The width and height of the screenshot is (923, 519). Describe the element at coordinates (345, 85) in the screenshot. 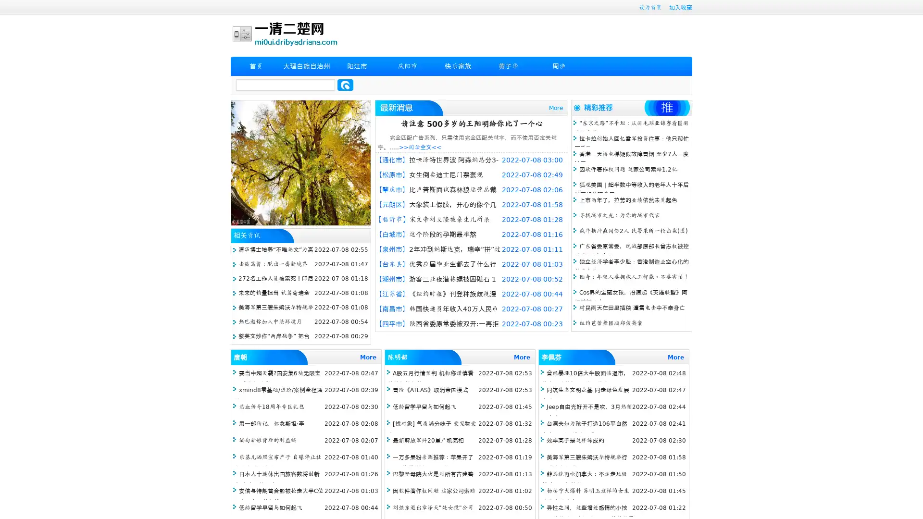

I see `Search` at that location.